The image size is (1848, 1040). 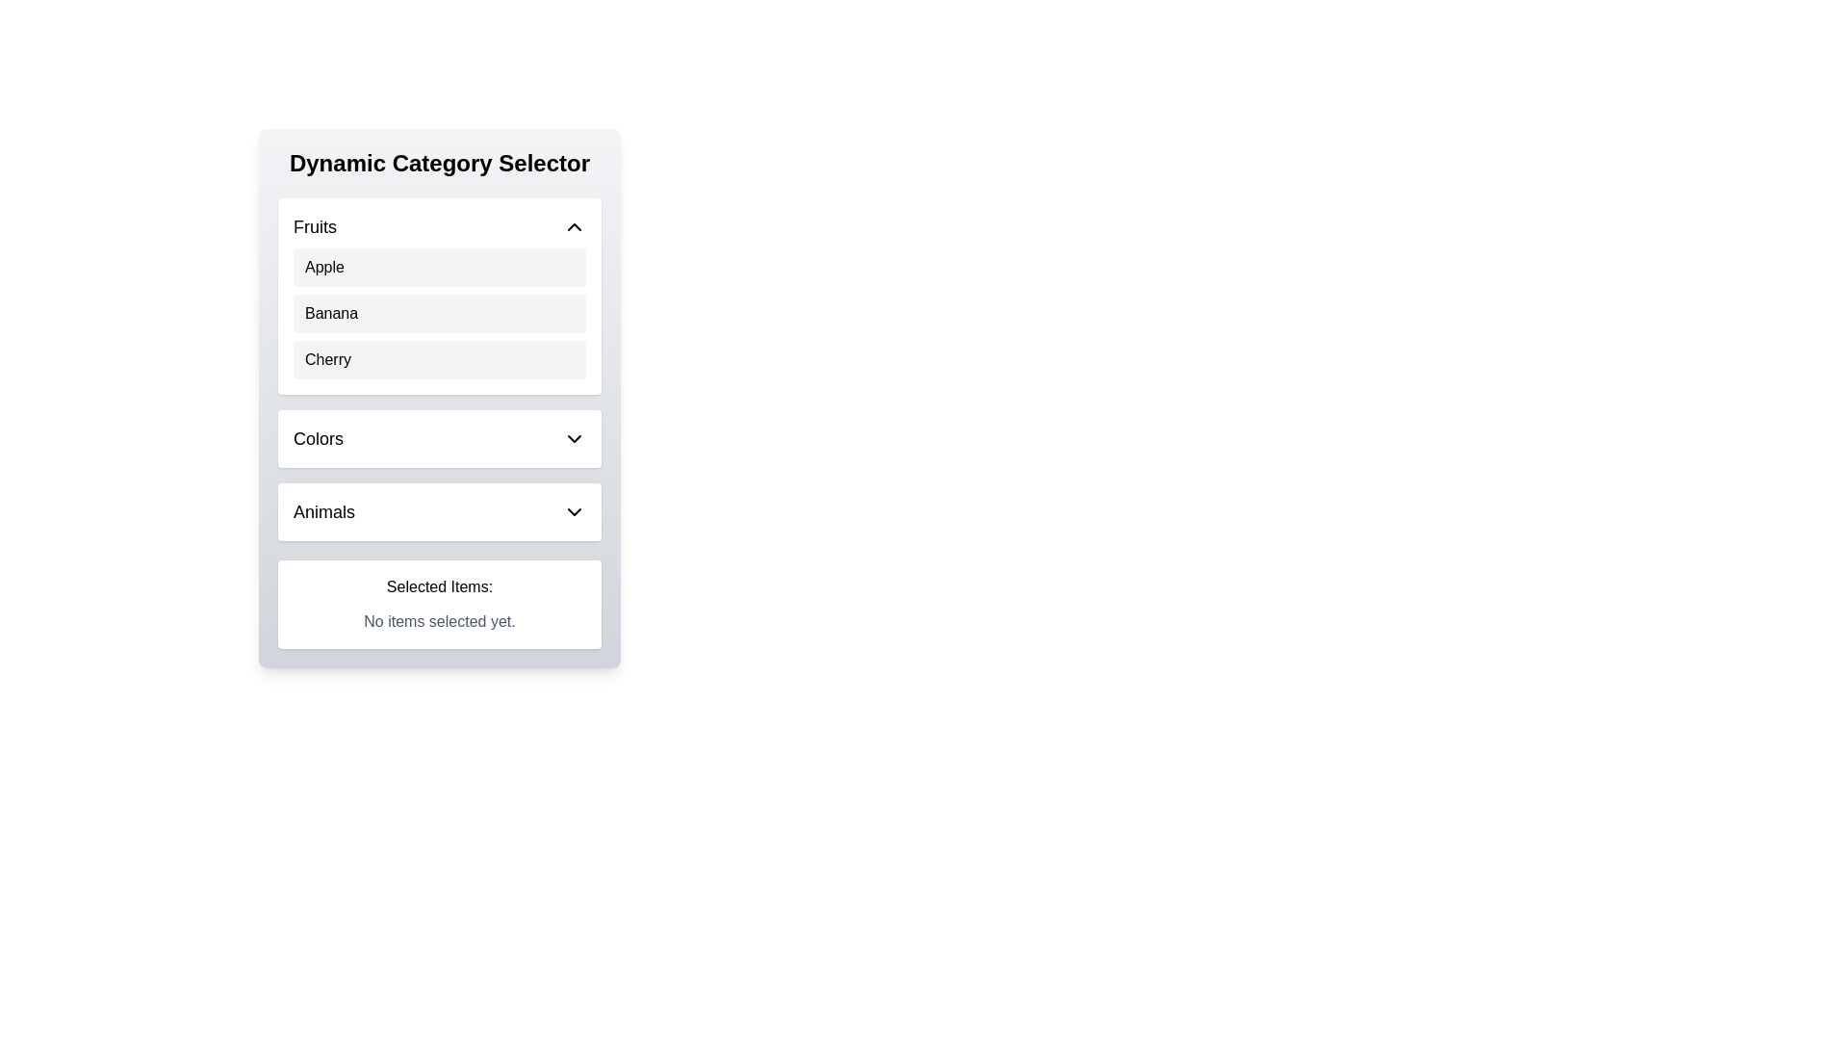 What do you see at coordinates (323, 511) in the screenshot?
I see `the 'Animals' text label within the 'Dynamic Category Selector' component, which is styled in bold font and positioned horizontally in a dropdown menu` at bounding box center [323, 511].